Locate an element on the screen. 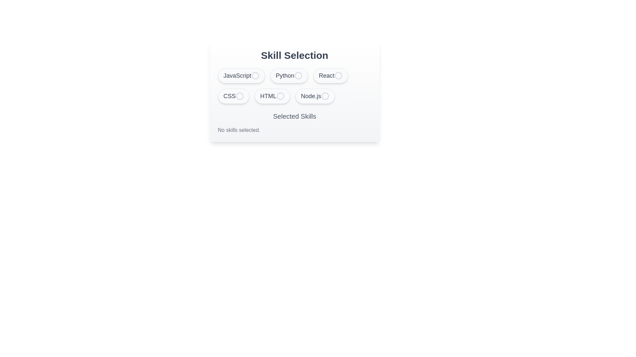 The height and width of the screenshot is (357, 636). the circular radio button corresponding to the 'CSS' option is located at coordinates (239, 96).